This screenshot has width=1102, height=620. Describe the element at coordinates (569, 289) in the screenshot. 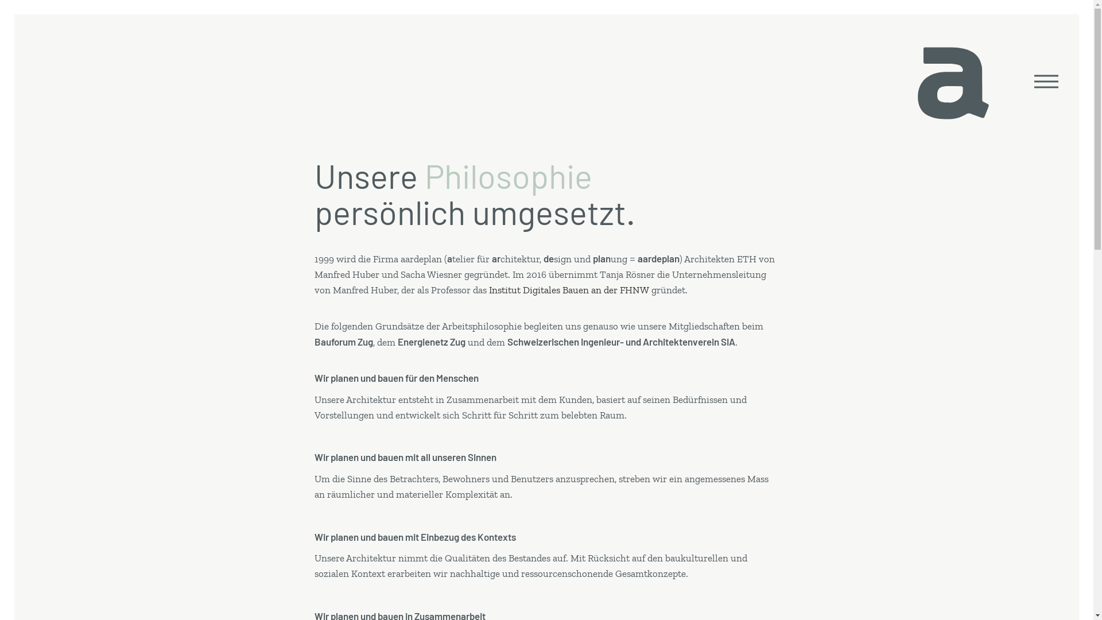

I see `'Institut Digitales Bauen an der FHNW'` at that location.